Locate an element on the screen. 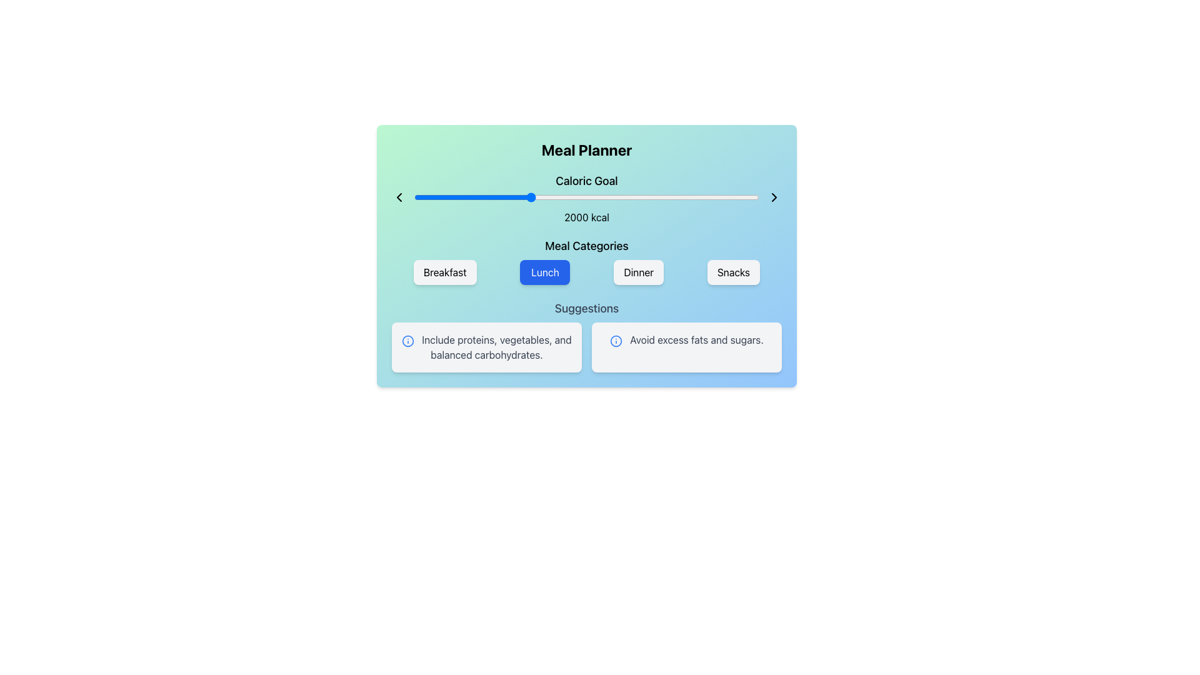 Image resolution: width=1200 pixels, height=675 pixels. the caloric goal is located at coordinates (744, 197).